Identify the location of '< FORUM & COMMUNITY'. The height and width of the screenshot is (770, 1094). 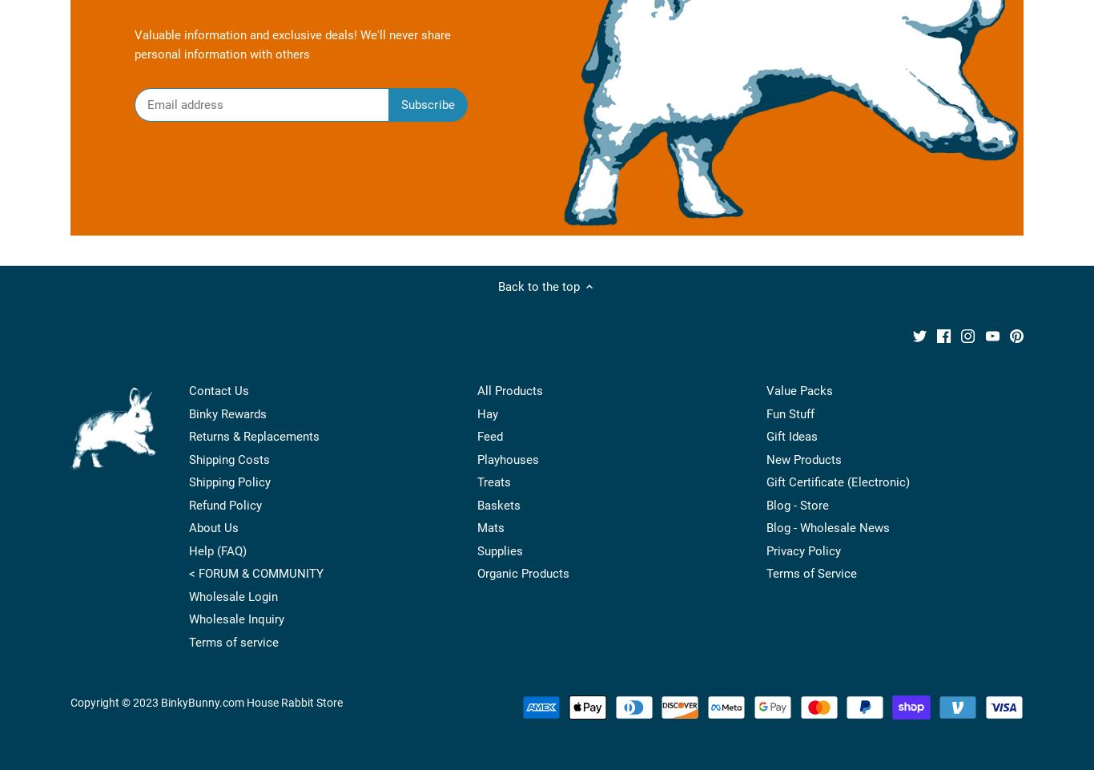
(255, 574).